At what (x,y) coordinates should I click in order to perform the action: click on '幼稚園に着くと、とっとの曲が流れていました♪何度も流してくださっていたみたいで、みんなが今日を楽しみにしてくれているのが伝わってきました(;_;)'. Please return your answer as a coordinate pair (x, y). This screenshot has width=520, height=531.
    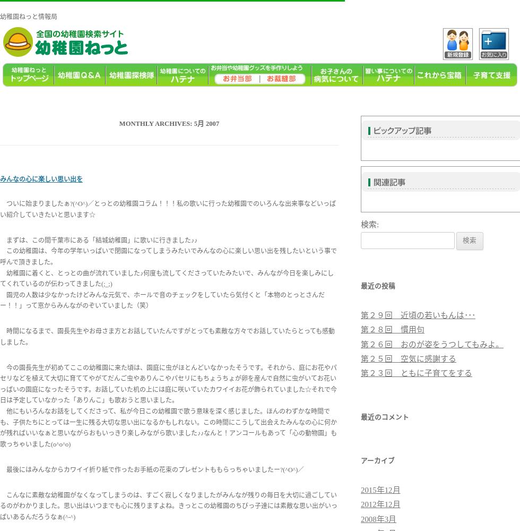
    Looking at the image, I should click on (167, 278).